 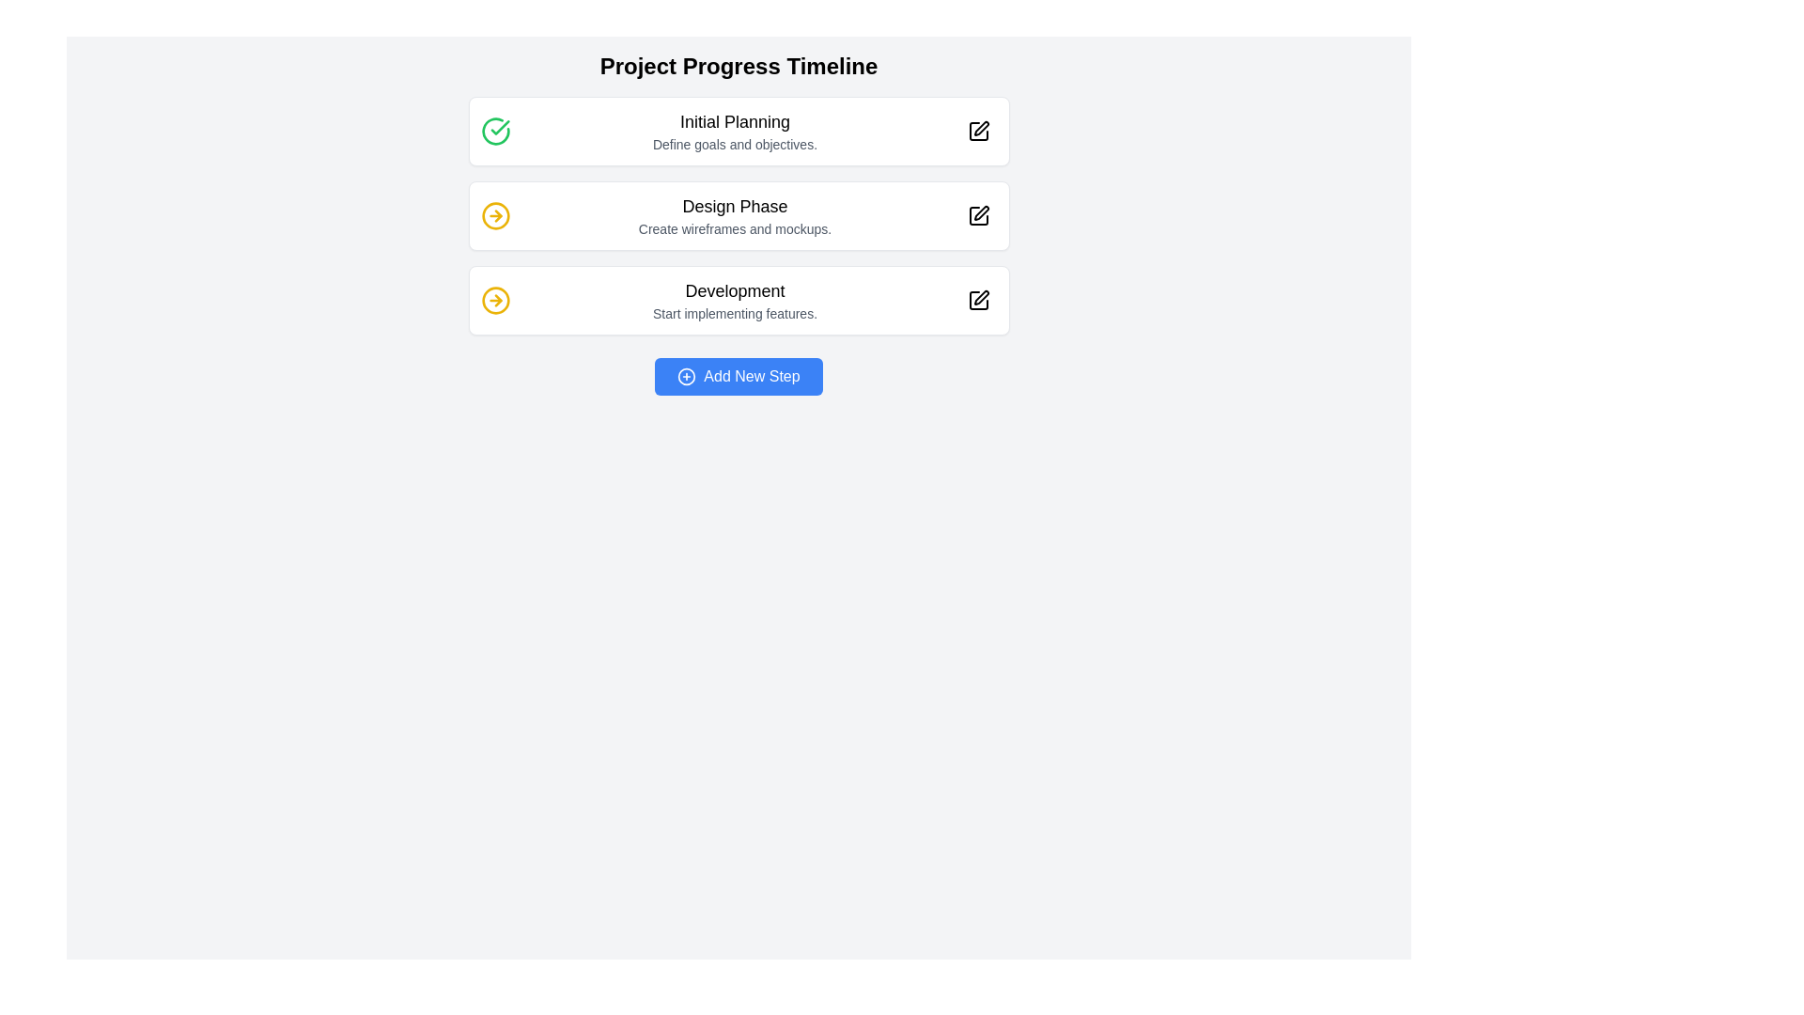 What do you see at coordinates (738, 377) in the screenshot?
I see `the 'Add New Step' button` at bounding box center [738, 377].